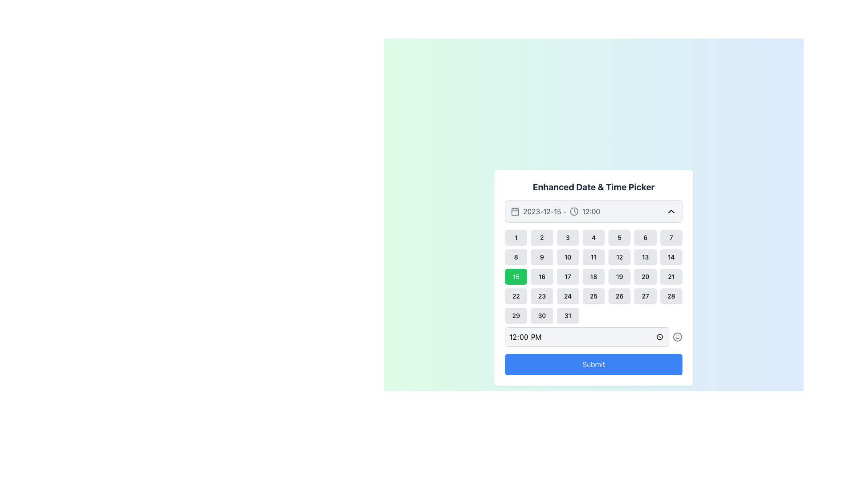 The image size is (852, 479). What do you see at coordinates (671, 237) in the screenshot?
I see `the clickable button for selecting the date corresponding to the number 7 in the calendar interface to trigger hover effects` at bounding box center [671, 237].